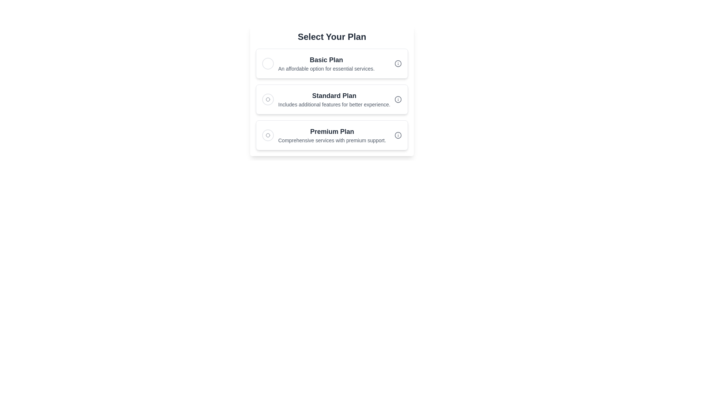 The height and width of the screenshot is (395, 702). Describe the element at coordinates (332, 140) in the screenshot. I see `the descriptive label providing details about the 'Premium Plan' option, positioned beneath the 'Premium Plan' heading` at that location.